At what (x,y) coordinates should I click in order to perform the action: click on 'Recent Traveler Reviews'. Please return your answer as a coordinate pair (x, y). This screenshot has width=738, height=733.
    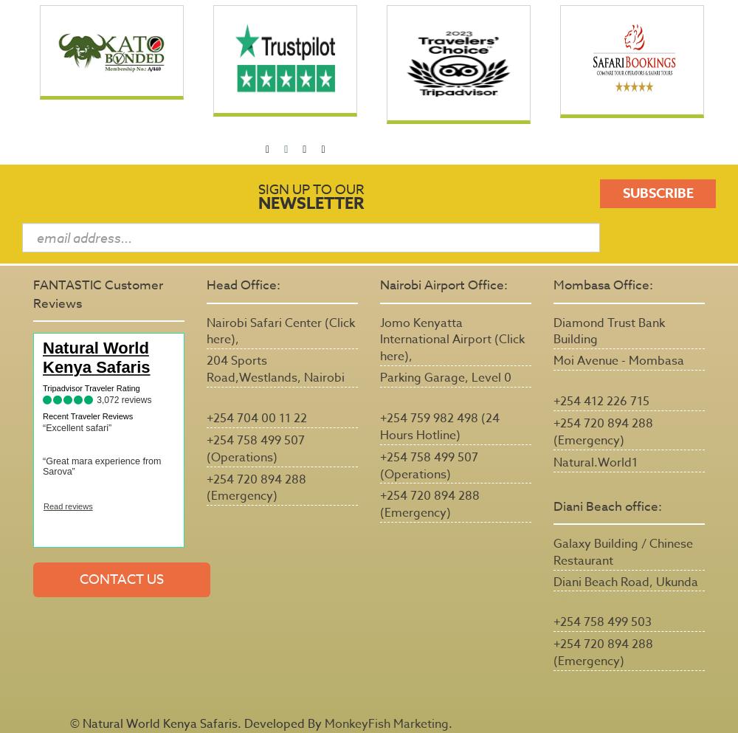
    Looking at the image, I should click on (87, 415).